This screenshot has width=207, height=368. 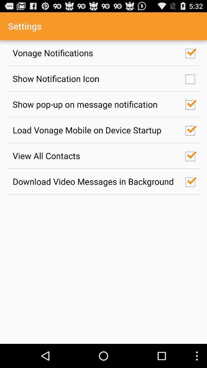 I want to click on icon below the show notification icon item, so click(x=95, y=104).